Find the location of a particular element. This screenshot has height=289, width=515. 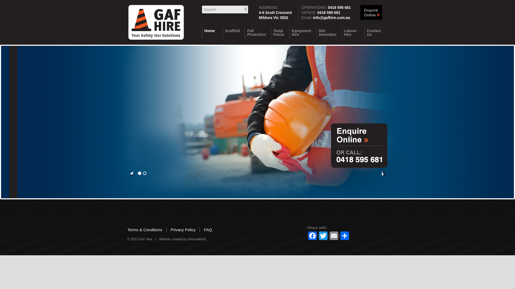

'FAQ' is located at coordinates (205, 229).